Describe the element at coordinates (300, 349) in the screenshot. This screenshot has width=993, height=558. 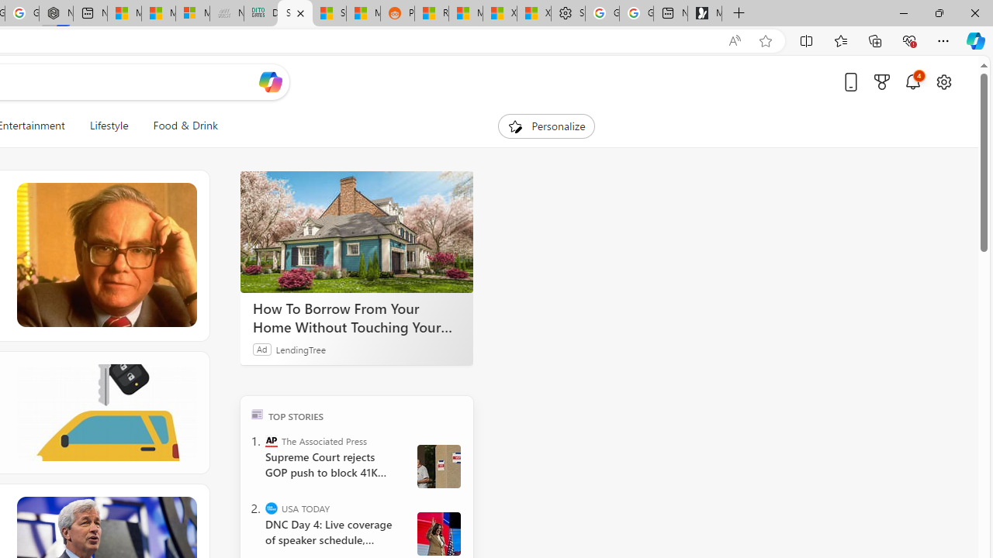
I see `'LendingTree'` at that location.